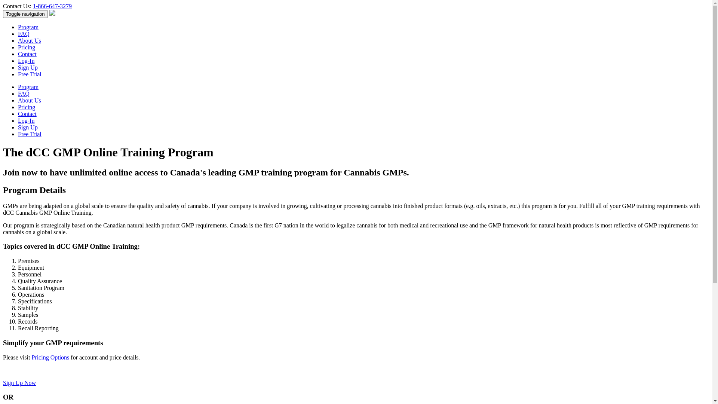 The width and height of the screenshot is (718, 404). Describe the element at coordinates (31, 357) in the screenshot. I see `'Pricing Options'` at that location.